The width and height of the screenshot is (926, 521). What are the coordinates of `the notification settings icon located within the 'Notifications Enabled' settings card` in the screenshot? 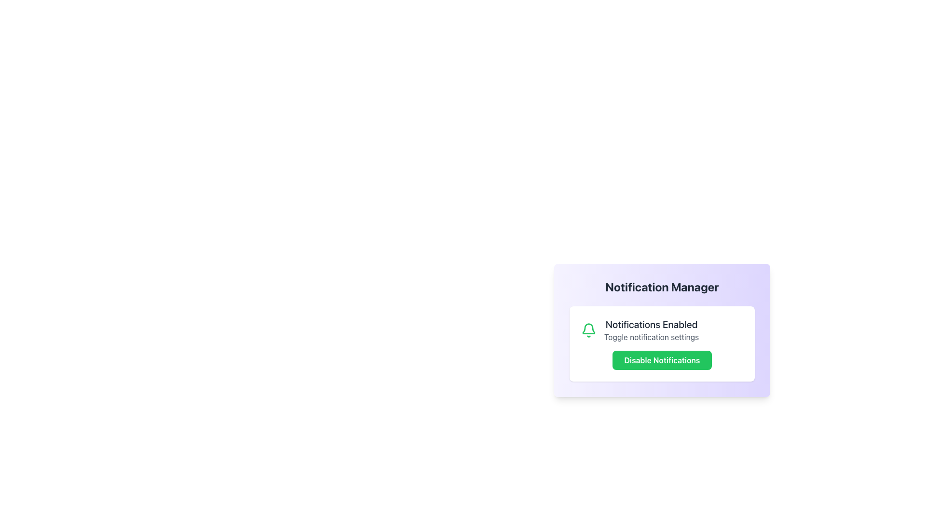 It's located at (588, 330).